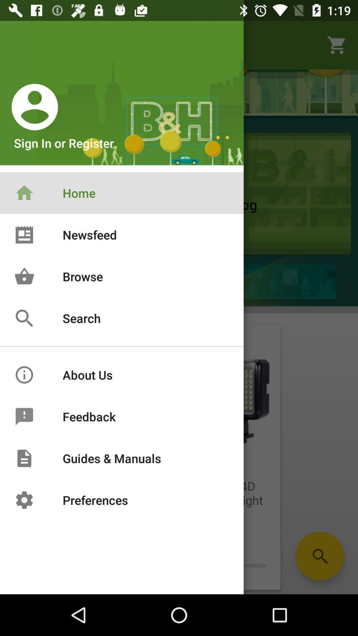 The width and height of the screenshot is (358, 636). I want to click on the cart icon, so click(337, 45).